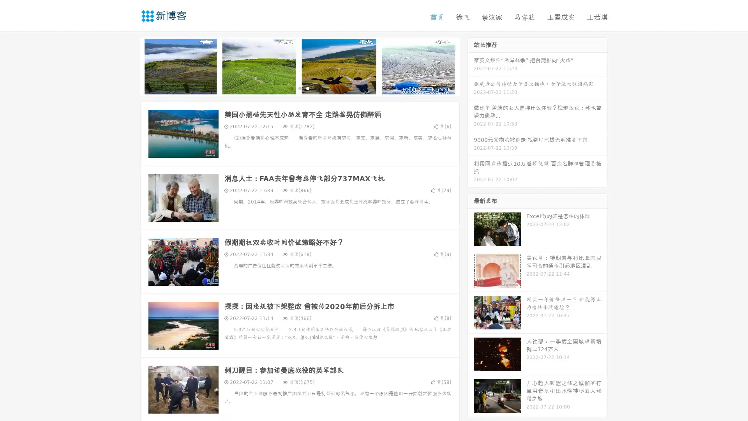 The width and height of the screenshot is (748, 421). Describe the element at coordinates (129, 65) in the screenshot. I see `Previous slide` at that location.